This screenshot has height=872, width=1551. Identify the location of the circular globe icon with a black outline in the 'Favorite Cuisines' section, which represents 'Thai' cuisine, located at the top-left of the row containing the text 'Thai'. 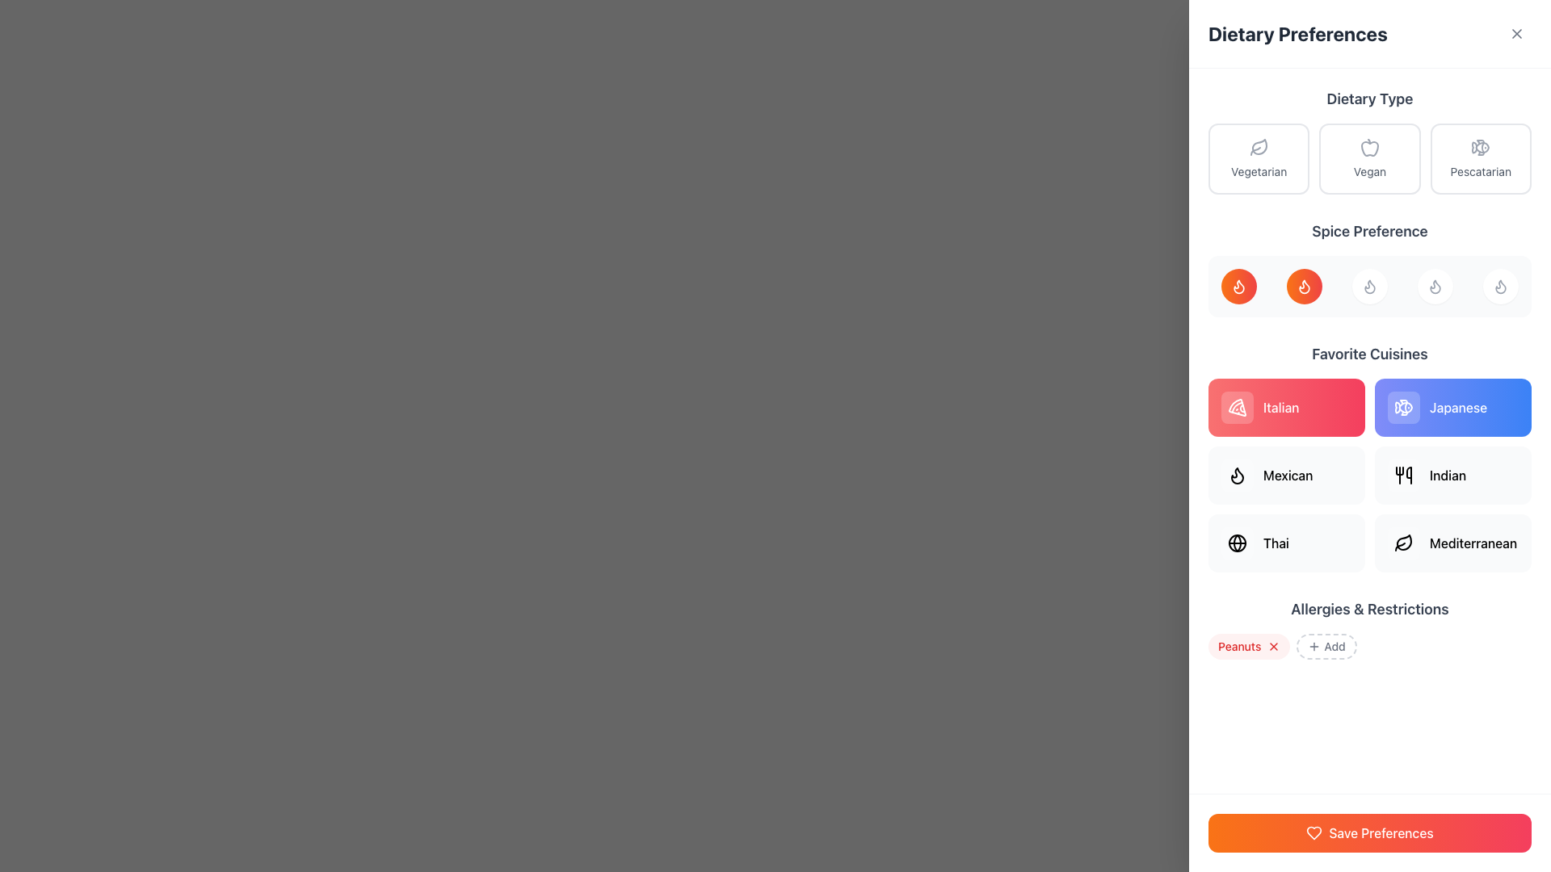
(1236, 543).